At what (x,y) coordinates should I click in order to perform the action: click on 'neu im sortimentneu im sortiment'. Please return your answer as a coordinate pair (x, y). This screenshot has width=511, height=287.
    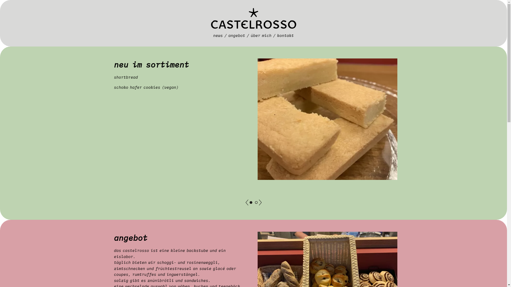
    Looking at the image, I should click on (249, 202).